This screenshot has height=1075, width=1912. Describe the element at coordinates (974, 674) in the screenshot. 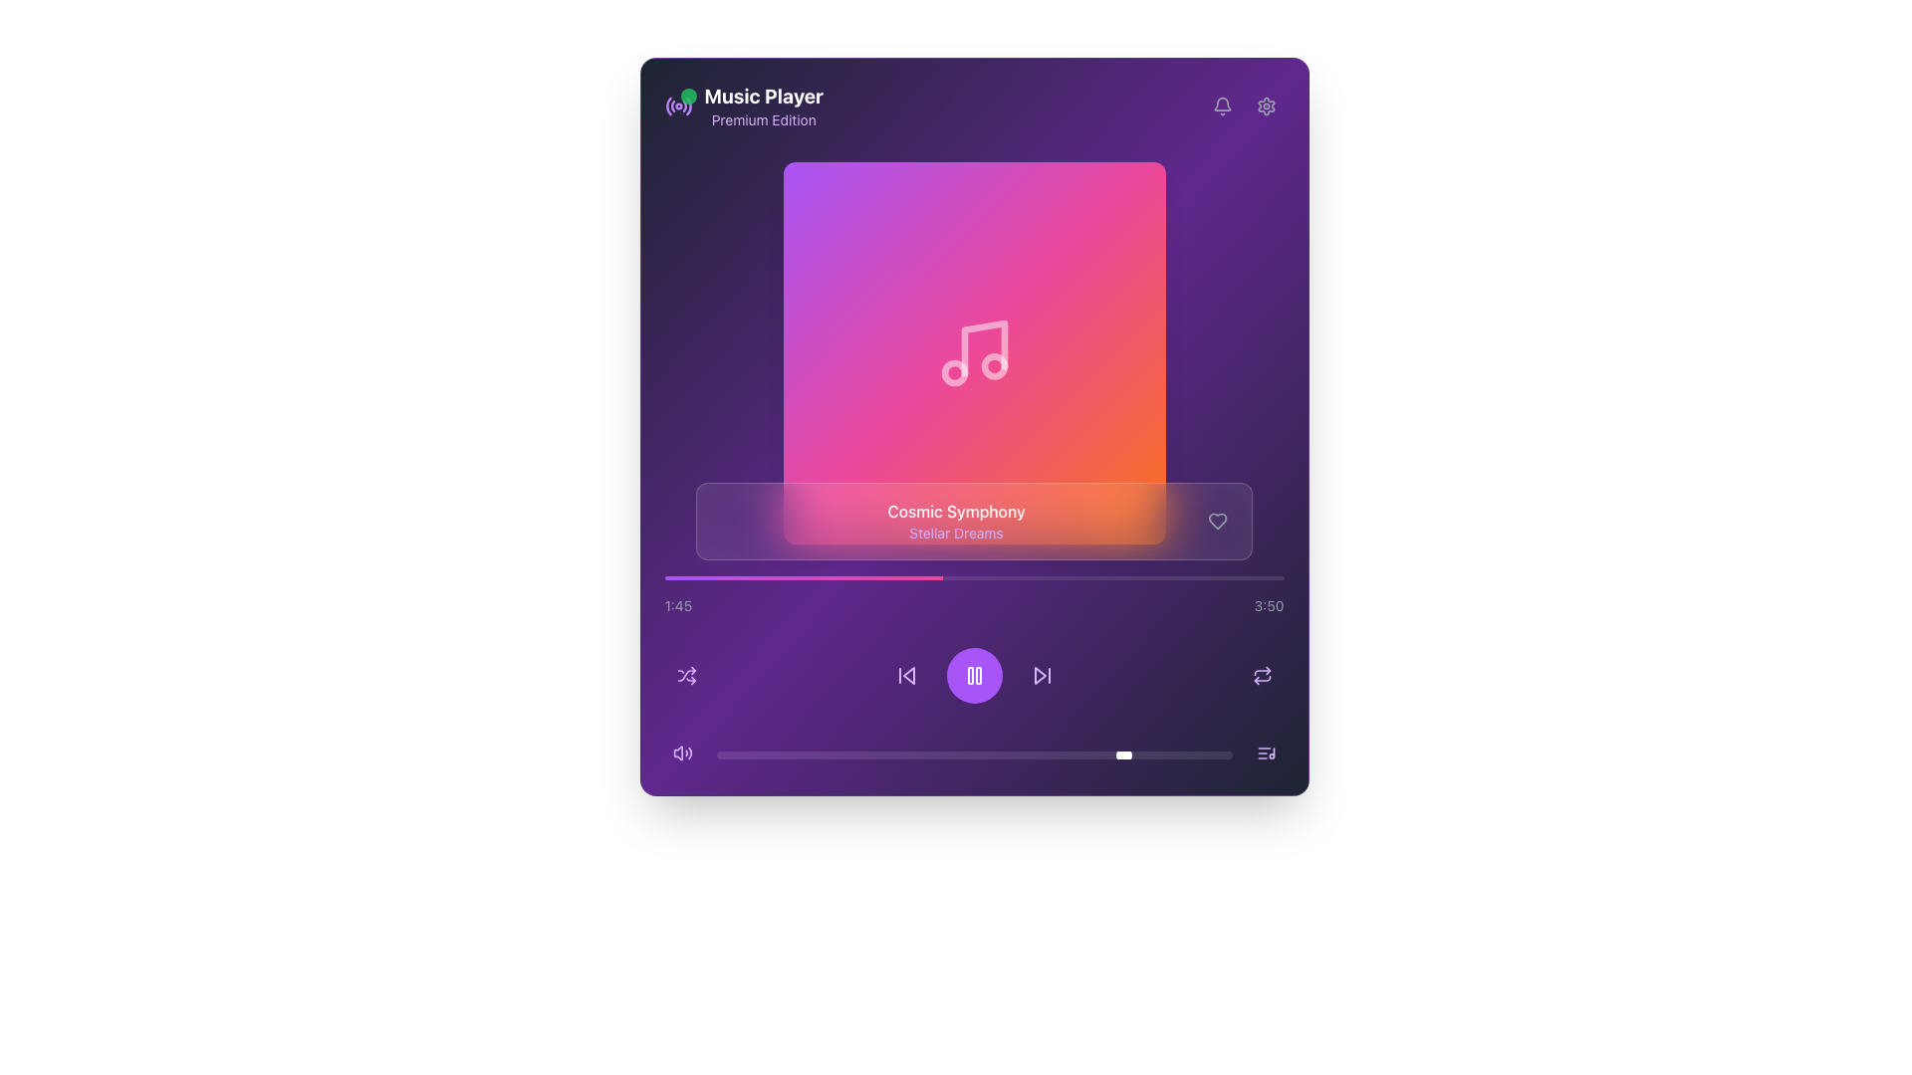

I see `the play/pause button located at the bottom center of the music player interface` at that location.